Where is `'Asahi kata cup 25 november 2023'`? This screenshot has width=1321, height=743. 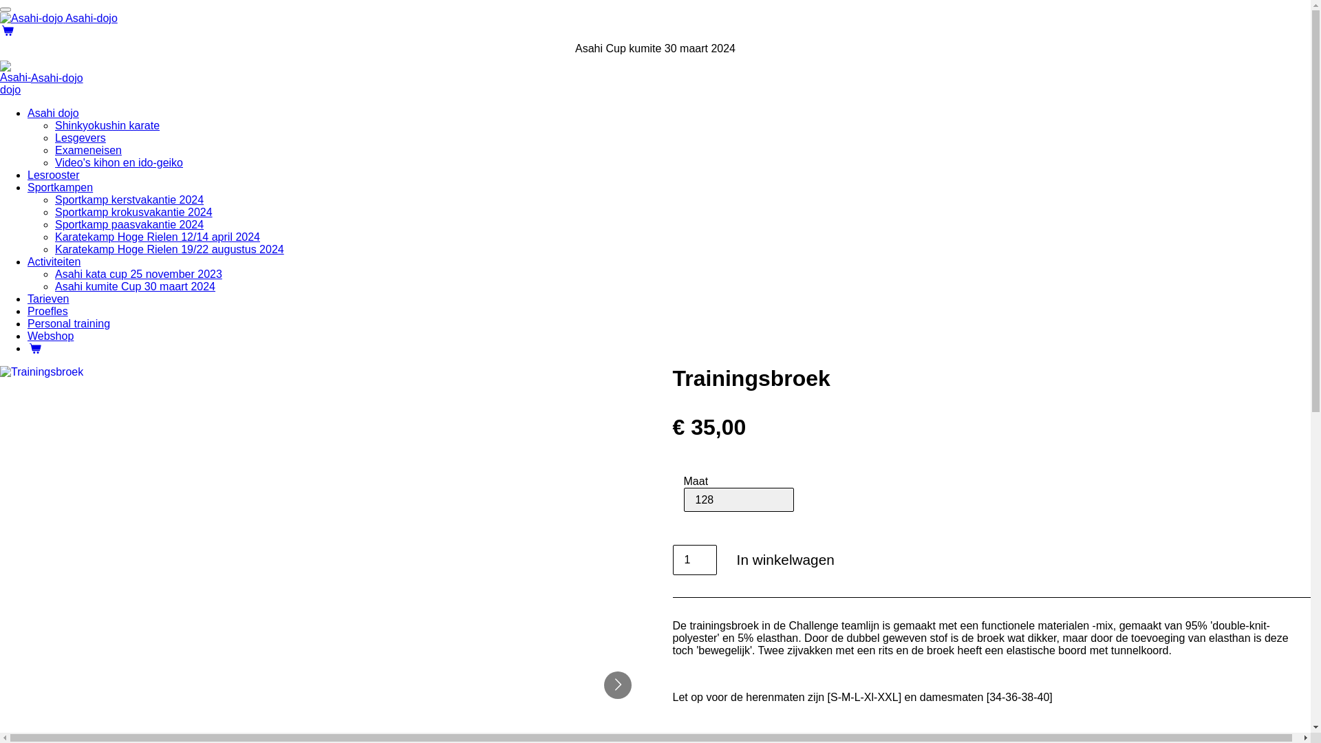 'Asahi kata cup 25 november 2023' is located at coordinates (55, 274).